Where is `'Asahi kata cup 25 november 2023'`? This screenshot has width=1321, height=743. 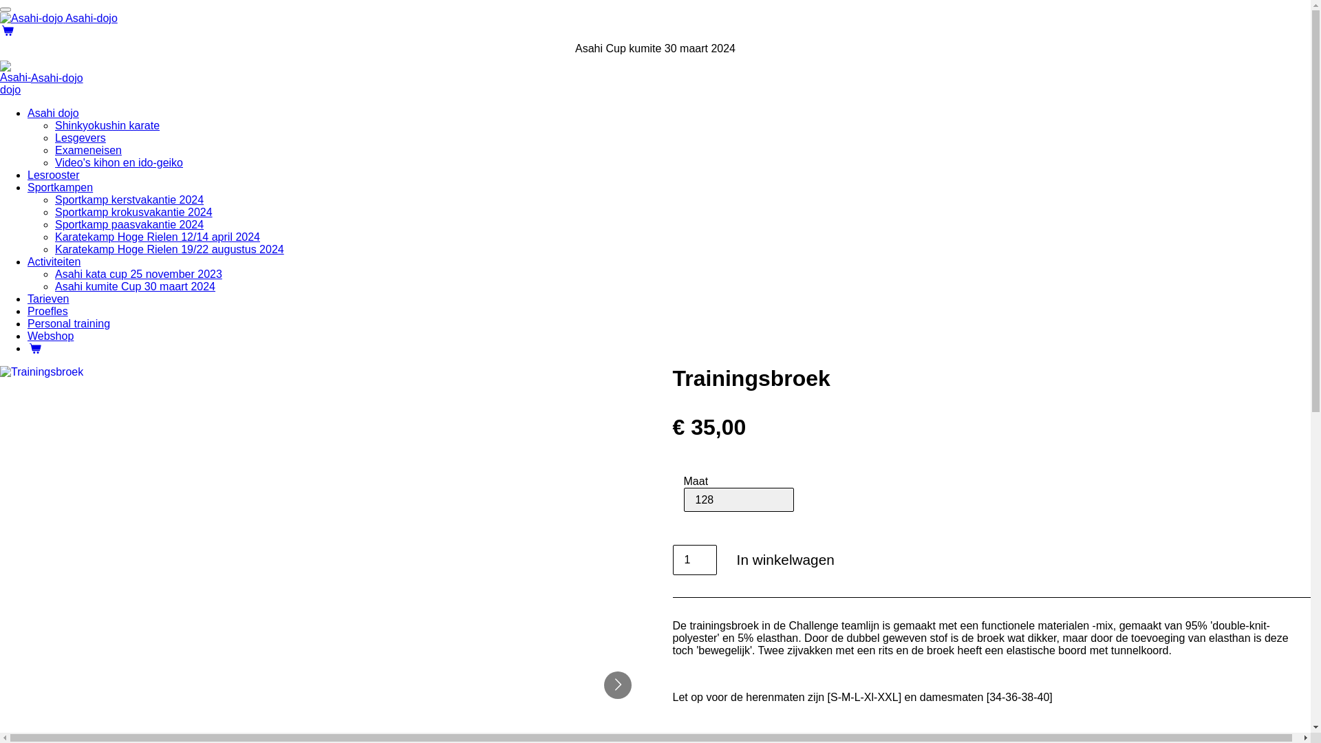 'Asahi kata cup 25 november 2023' is located at coordinates (55, 274).